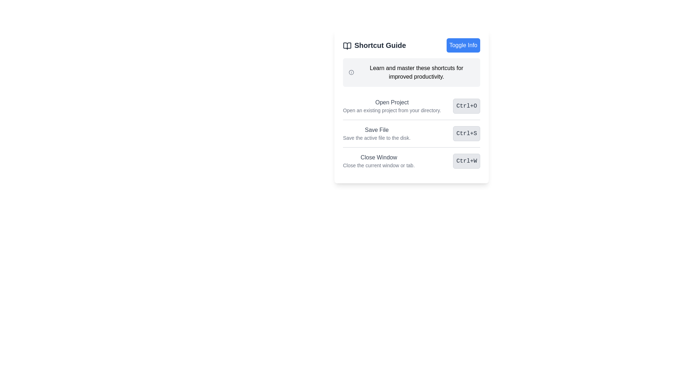  I want to click on the informational text element titled 'Close Window' located in the bottom section of the 'Shortcut Guide' sidebar interface, so click(378, 161).